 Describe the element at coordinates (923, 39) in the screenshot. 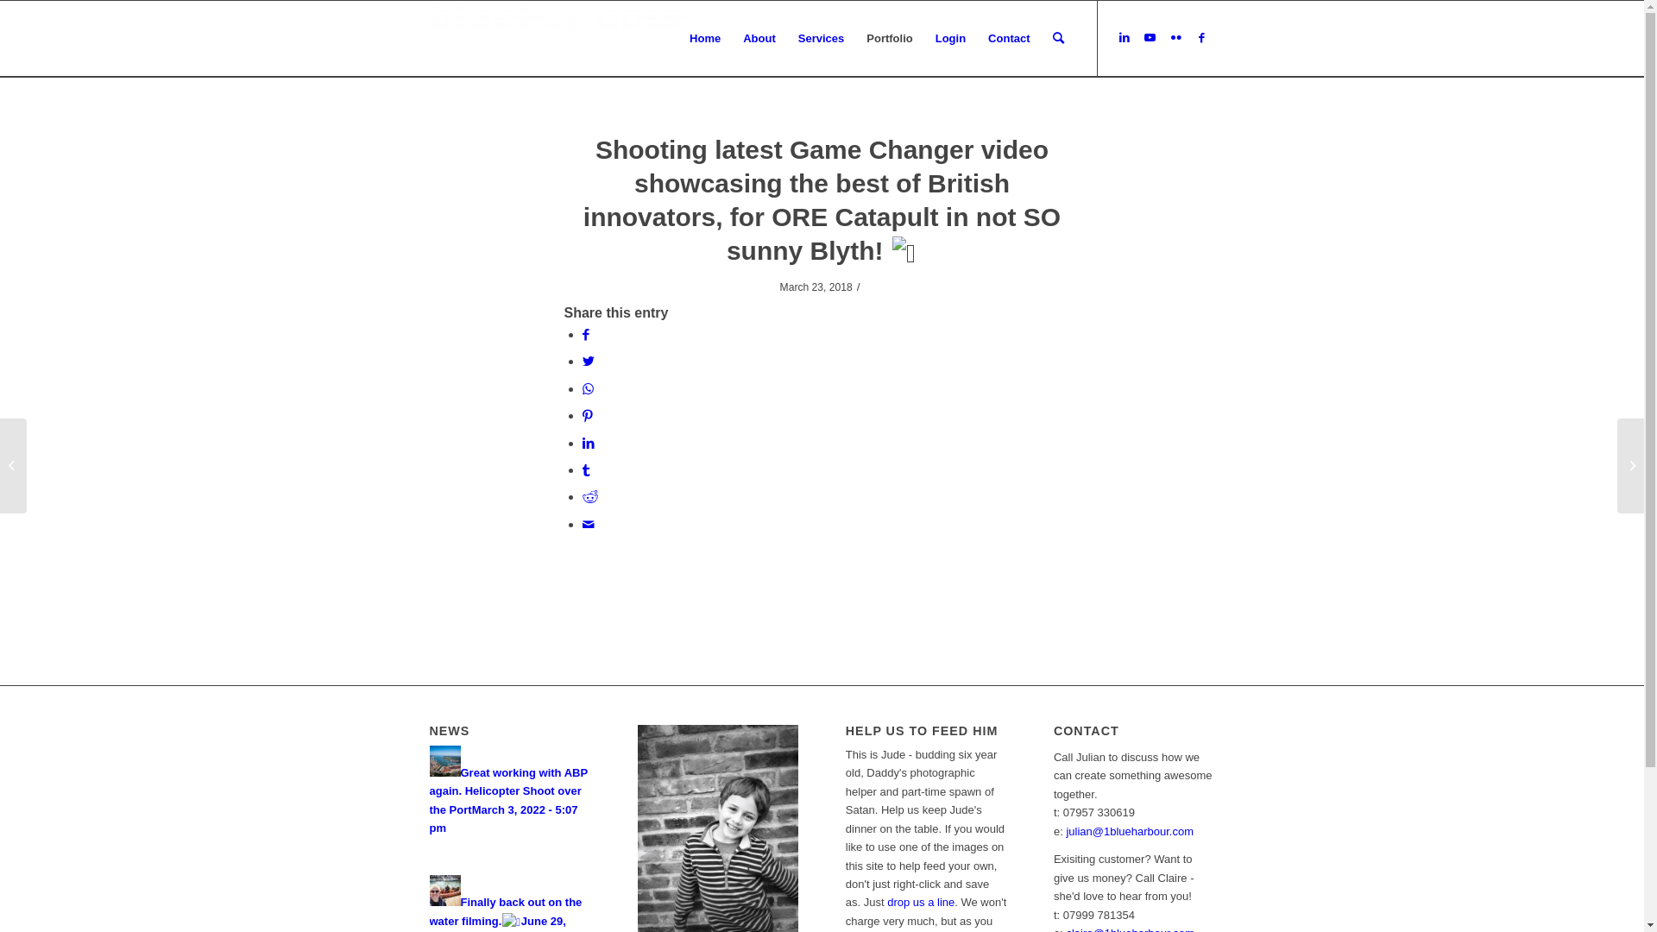

I see `'Login'` at that location.